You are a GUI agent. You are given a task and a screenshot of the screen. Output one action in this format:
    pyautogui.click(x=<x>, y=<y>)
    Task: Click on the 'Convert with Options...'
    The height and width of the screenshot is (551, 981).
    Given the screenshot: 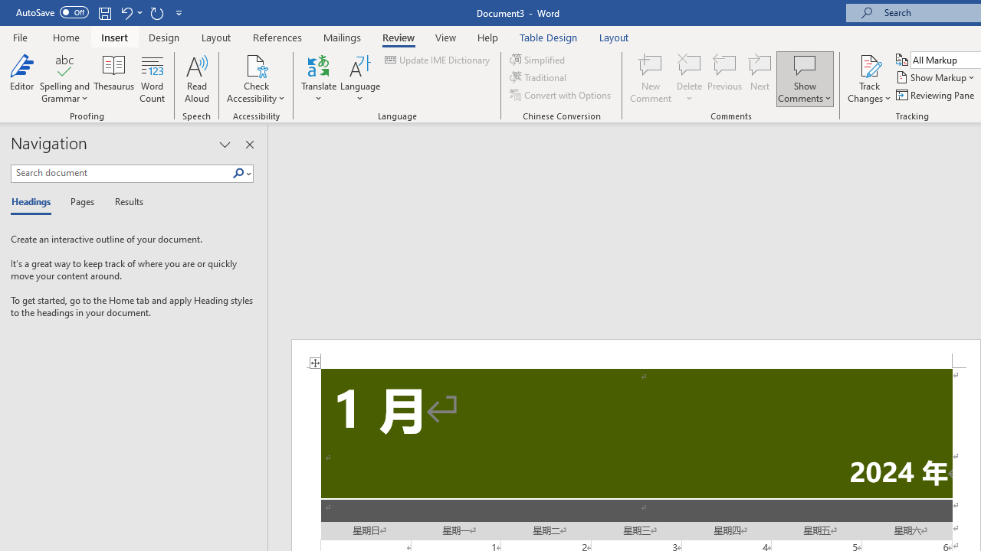 What is the action you would take?
    pyautogui.click(x=560, y=95)
    